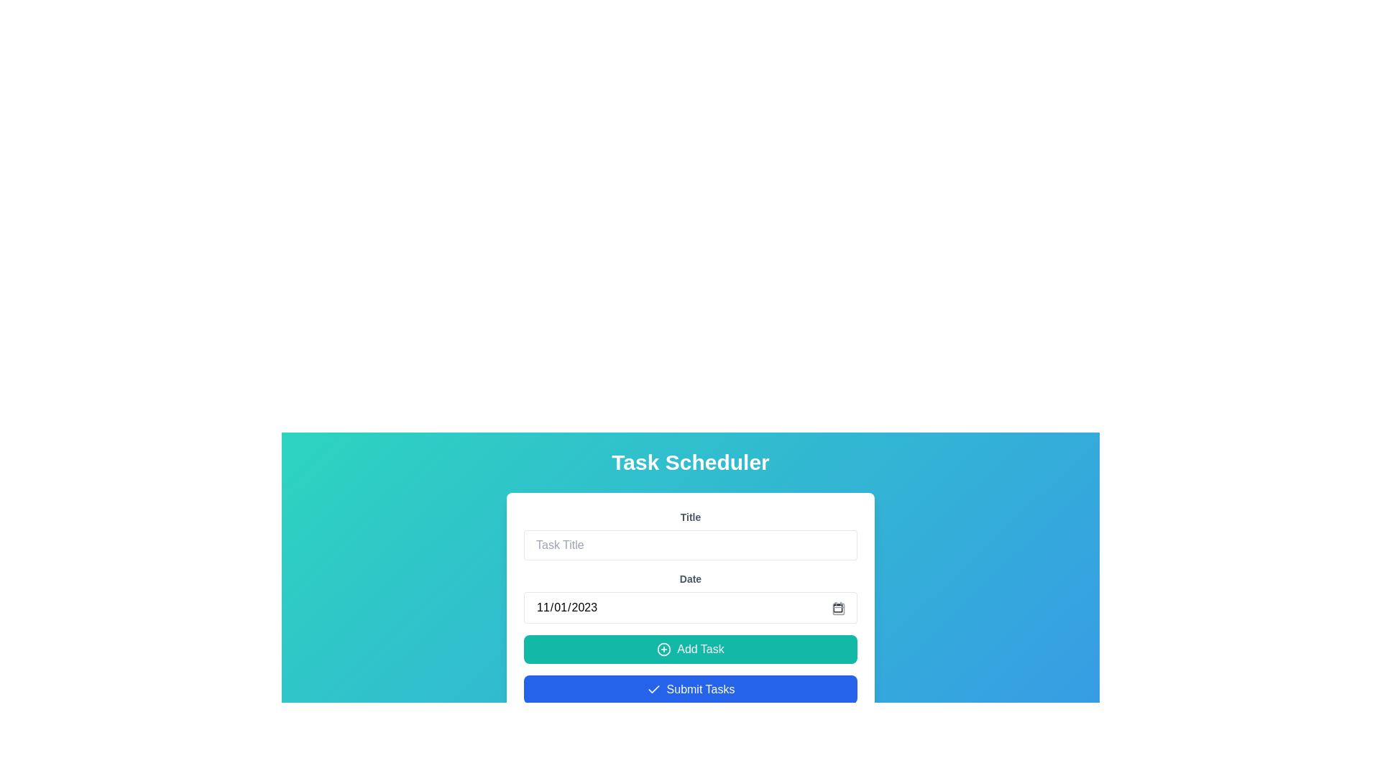  I want to click on the circular icon with a plus sign located inside the 'Add Task' button, which has a teal background and is outlined, positioned centrally below the input fields, so click(663, 649).